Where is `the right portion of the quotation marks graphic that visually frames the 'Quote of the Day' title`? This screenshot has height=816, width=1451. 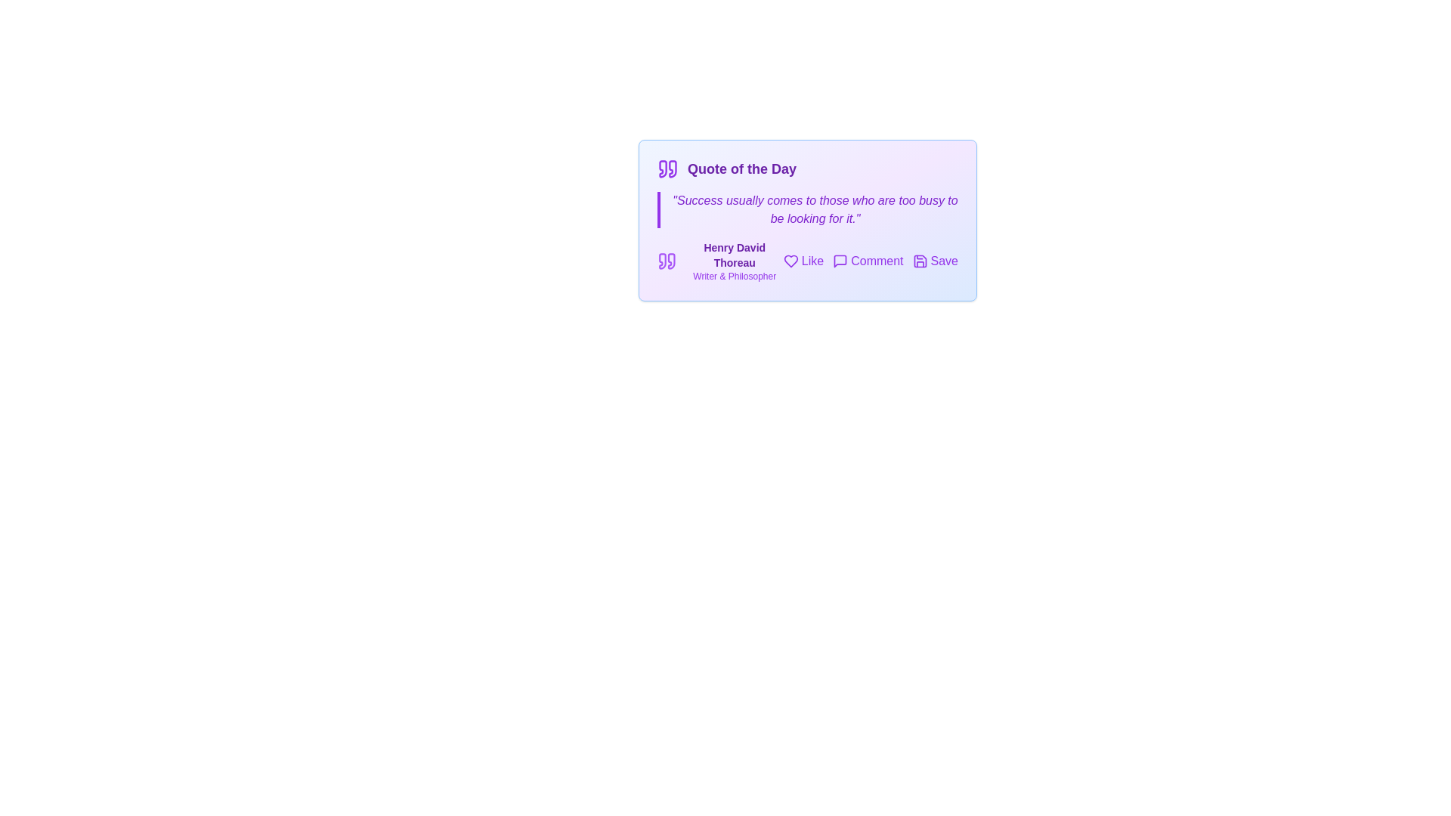 the right portion of the quotation marks graphic that visually frames the 'Quote of the Day' title is located at coordinates (672, 168).